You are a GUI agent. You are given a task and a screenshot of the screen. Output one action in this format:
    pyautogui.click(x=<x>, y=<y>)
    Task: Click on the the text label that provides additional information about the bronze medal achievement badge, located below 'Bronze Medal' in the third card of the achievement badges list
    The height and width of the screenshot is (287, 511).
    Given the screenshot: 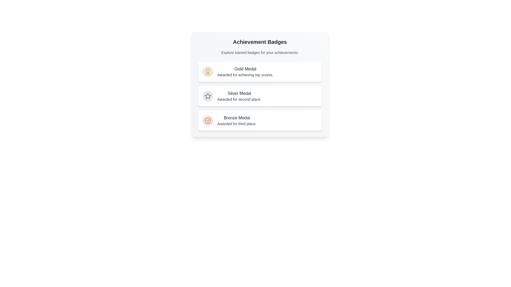 What is the action you would take?
    pyautogui.click(x=237, y=124)
    